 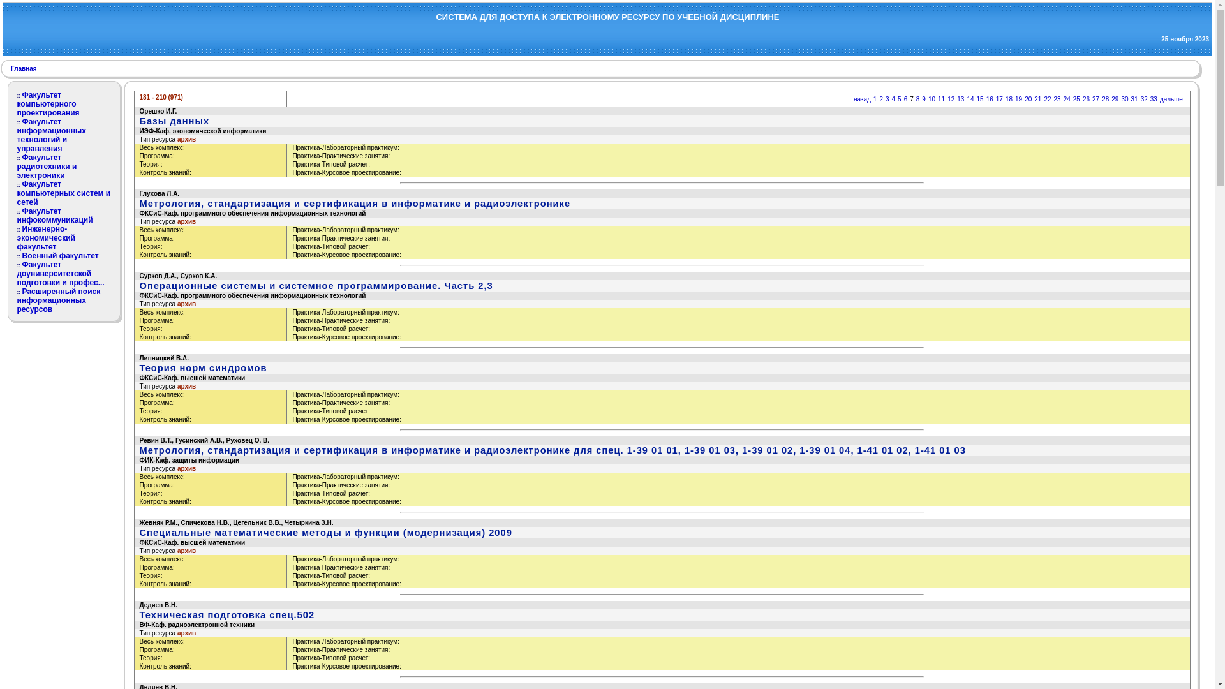 What do you see at coordinates (1085, 98) in the screenshot?
I see `'26'` at bounding box center [1085, 98].